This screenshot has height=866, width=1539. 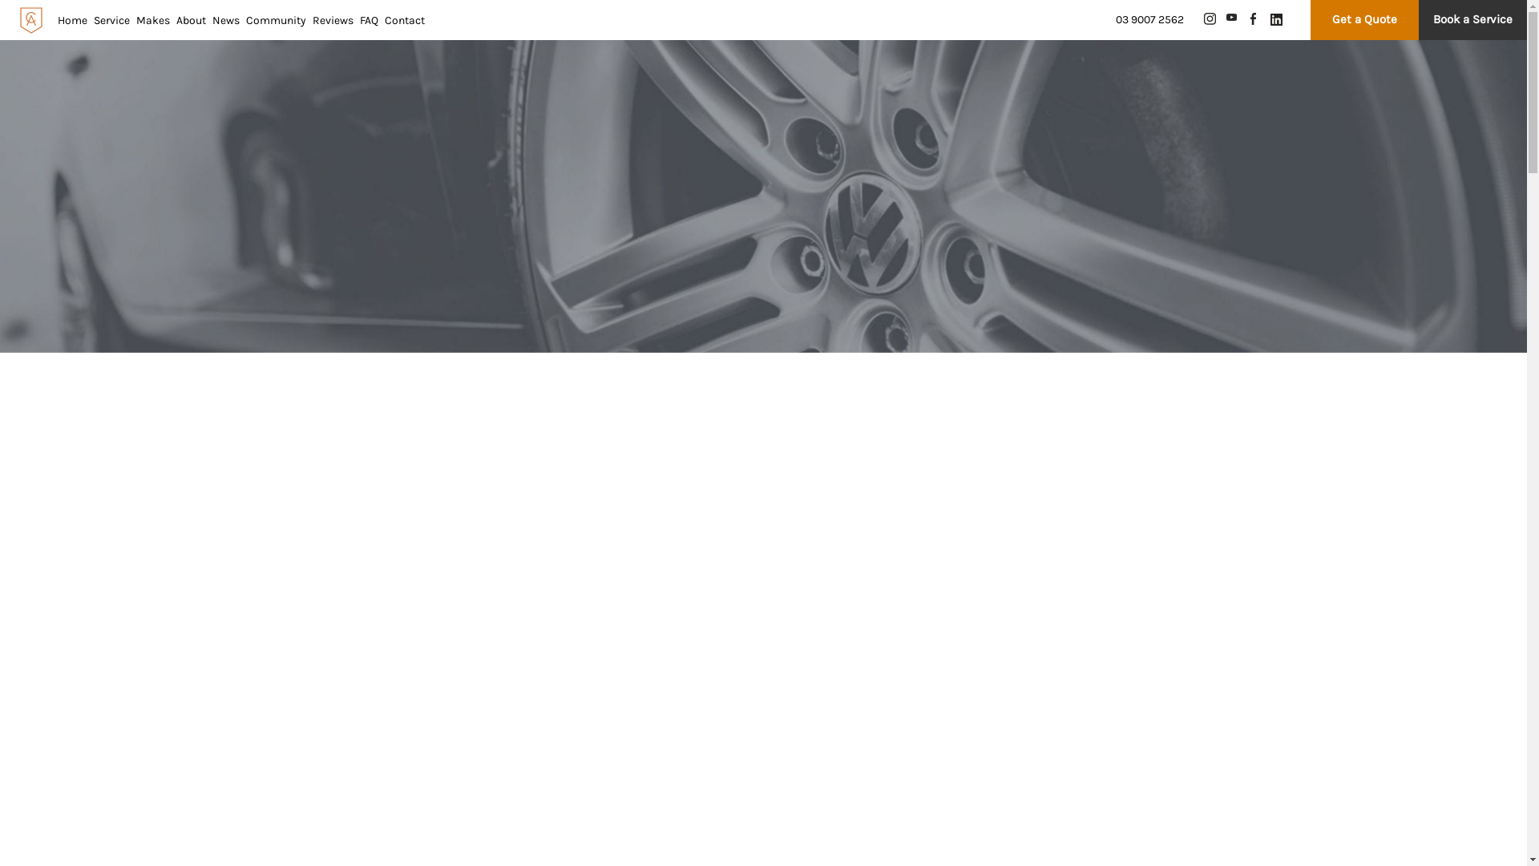 What do you see at coordinates (225, 20) in the screenshot?
I see `'News'` at bounding box center [225, 20].